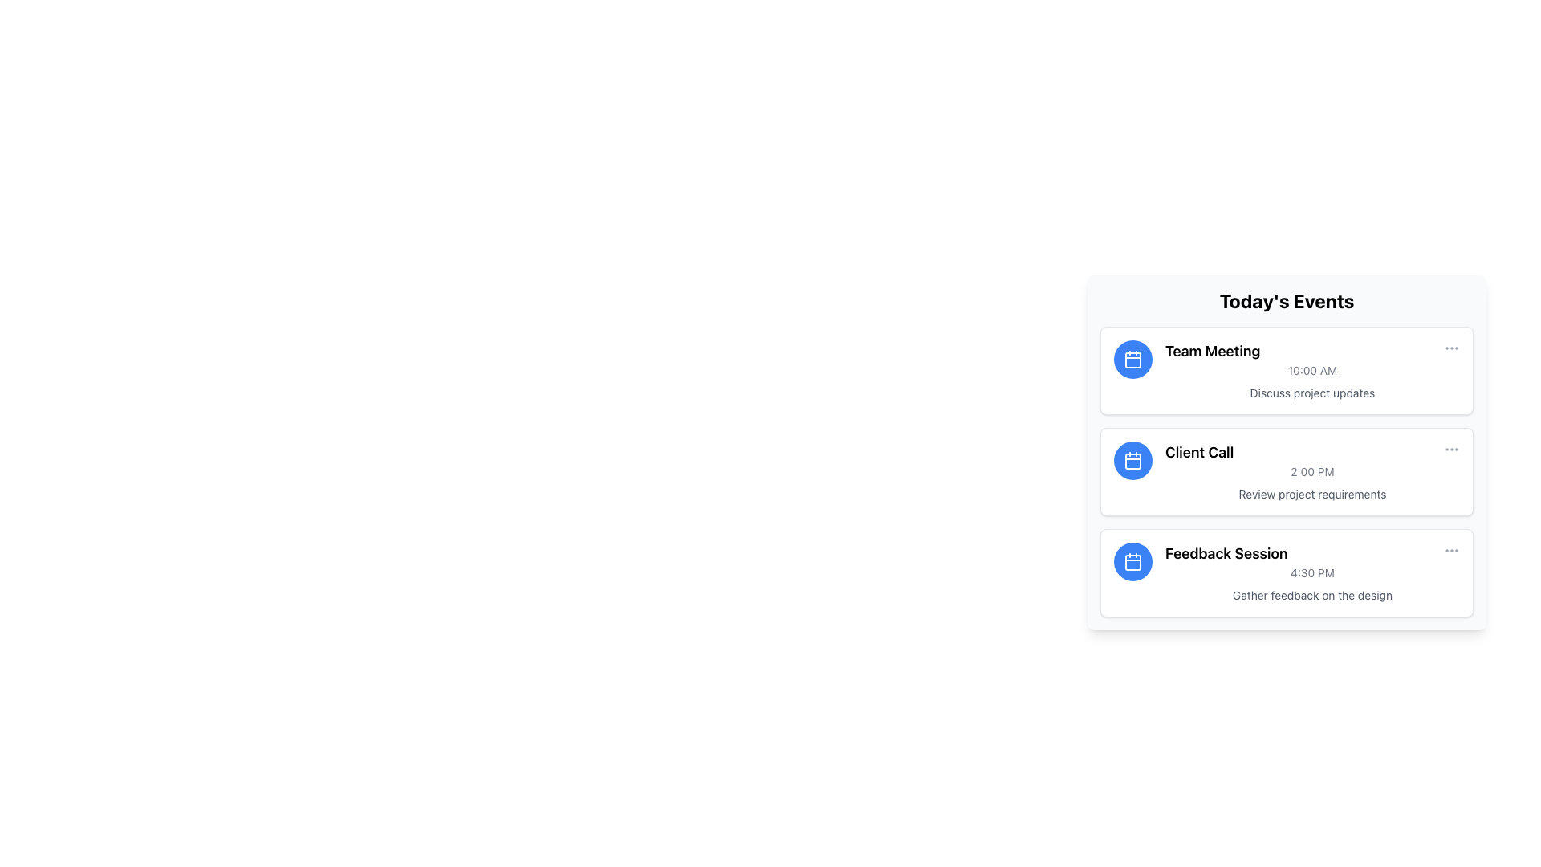 This screenshot has width=1541, height=867. I want to click on the Text Label indicating 'Feedback Session' located in the bottom section of the list item under 'Today's Events', so click(1226, 553).